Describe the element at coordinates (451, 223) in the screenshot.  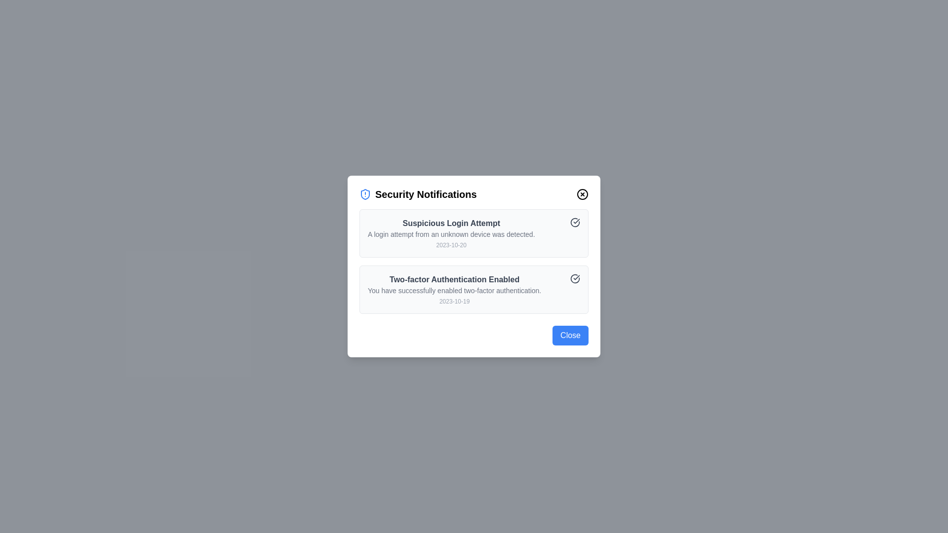
I see `the prominent title or header text label indicating a suspicious login attempt notification` at that location.